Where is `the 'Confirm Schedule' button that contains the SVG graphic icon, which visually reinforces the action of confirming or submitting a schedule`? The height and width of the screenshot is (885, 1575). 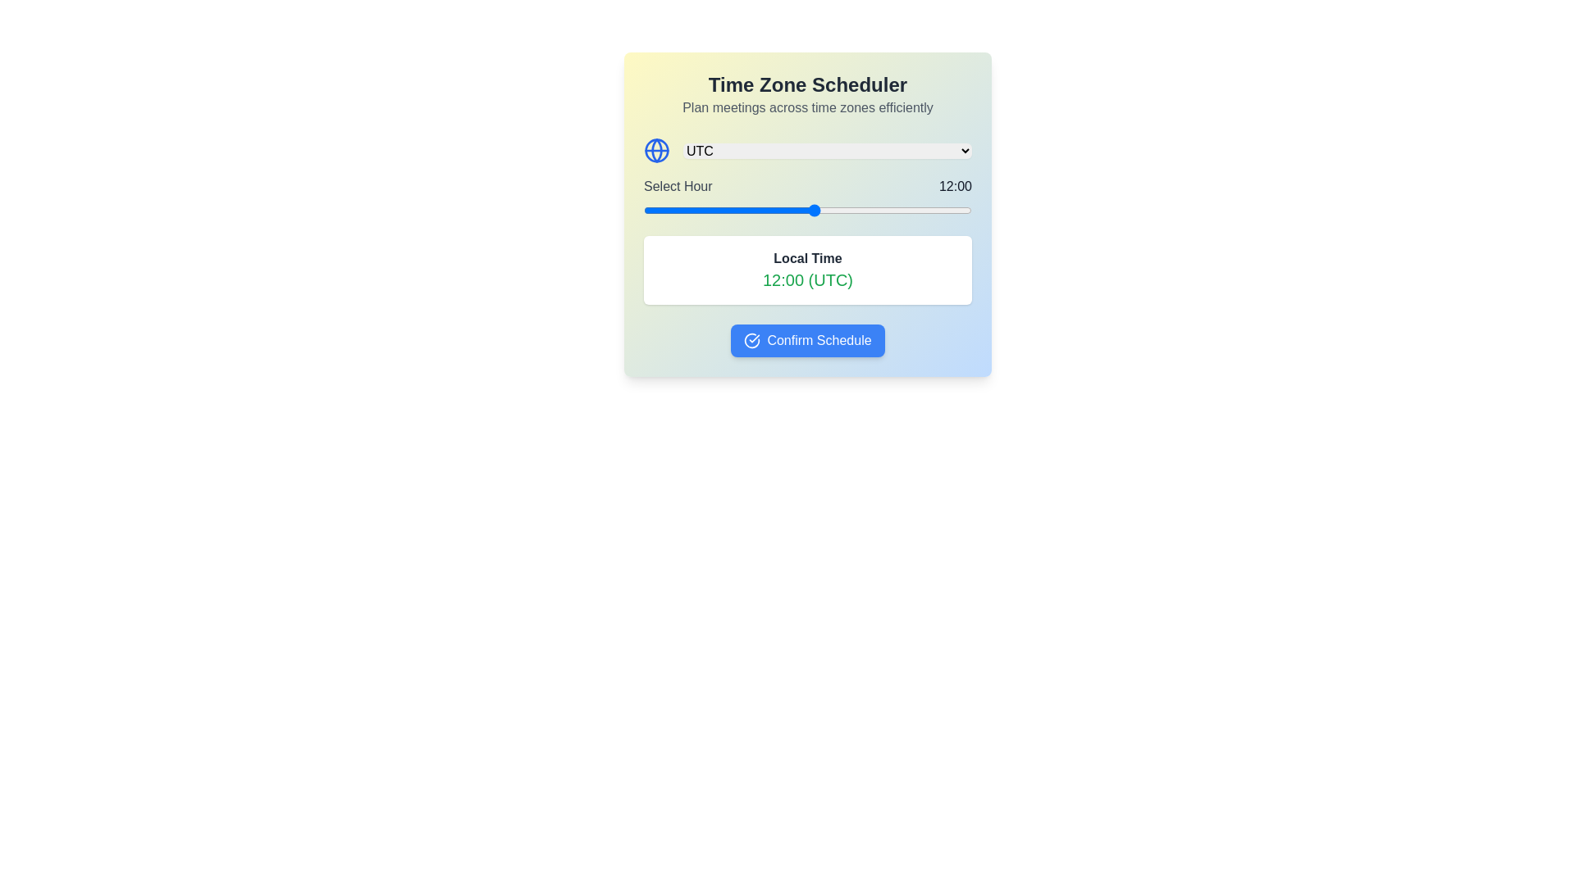 the 'Confirm Schedule' button that contains the SVG graphic icon, which visually reinforces the action of confirming or submitting a schedule is located at coordinates (751, 340).